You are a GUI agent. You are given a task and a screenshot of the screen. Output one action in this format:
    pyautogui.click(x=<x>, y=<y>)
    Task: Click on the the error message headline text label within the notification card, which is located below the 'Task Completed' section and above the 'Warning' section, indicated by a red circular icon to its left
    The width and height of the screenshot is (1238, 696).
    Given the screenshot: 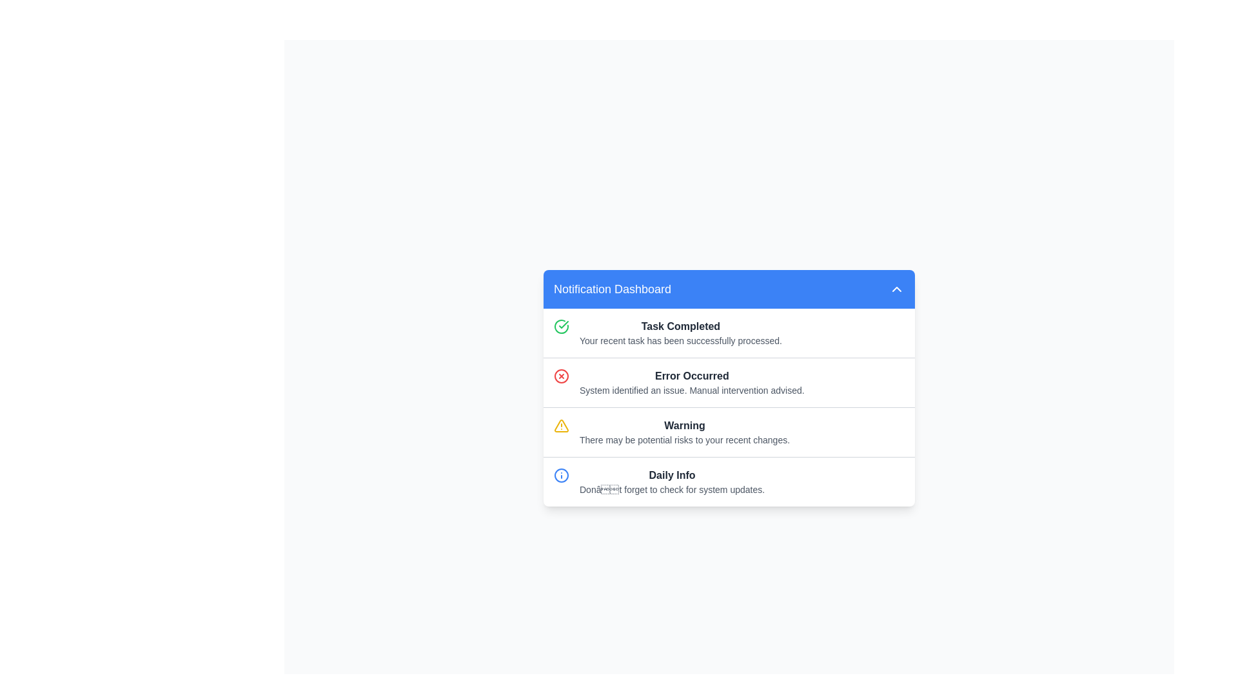 What is the action you would take?
    pyautogui.click(x=691, y=376)
    